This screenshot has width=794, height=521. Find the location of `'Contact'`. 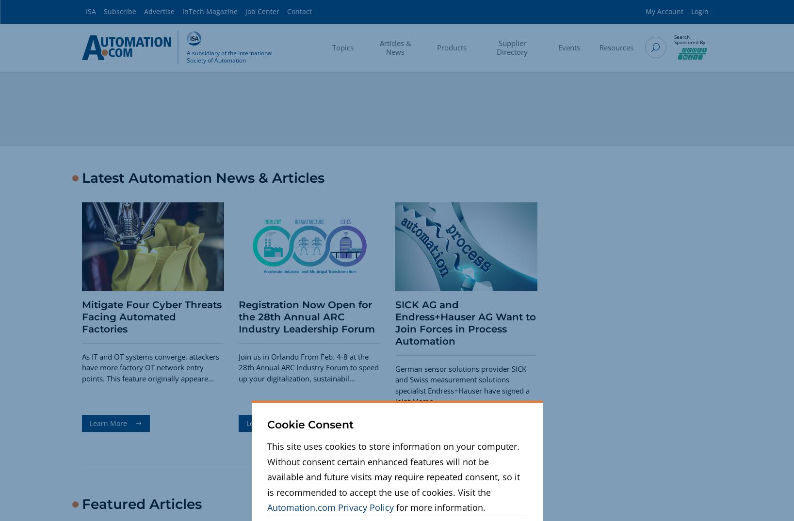

'Contact' is located at coordinates (299, 11).